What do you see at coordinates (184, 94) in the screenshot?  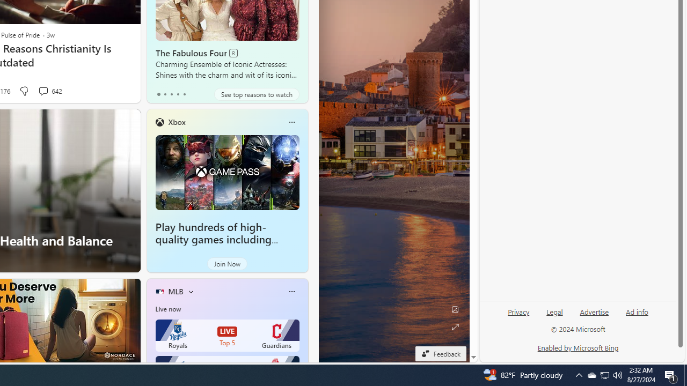 I see `'tab-4'` at bounding box center [184, 94].